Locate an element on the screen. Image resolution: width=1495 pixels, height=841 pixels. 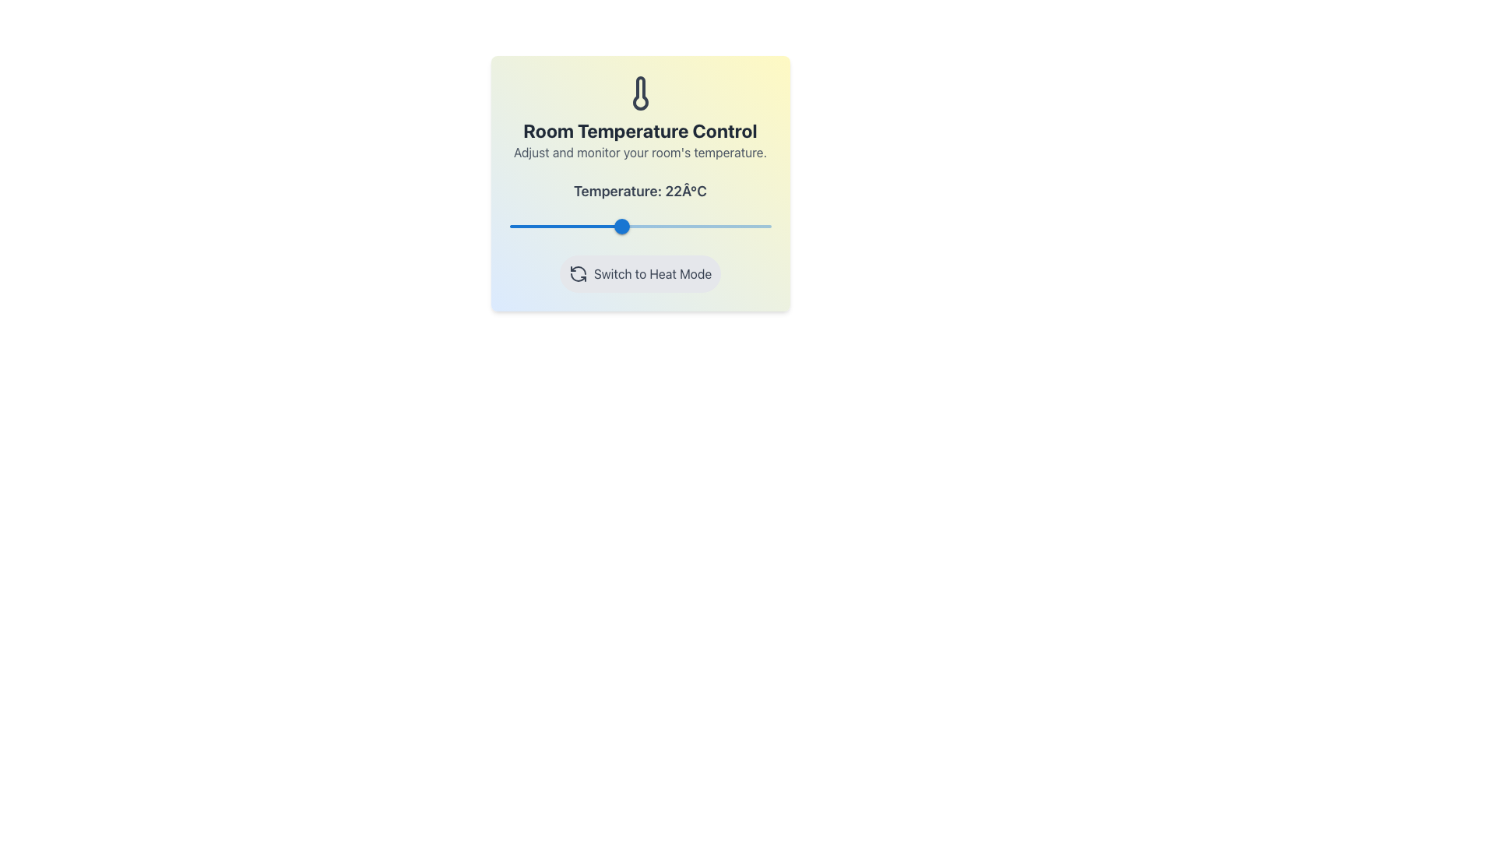
the temperature is located at coordinates (627, 226).